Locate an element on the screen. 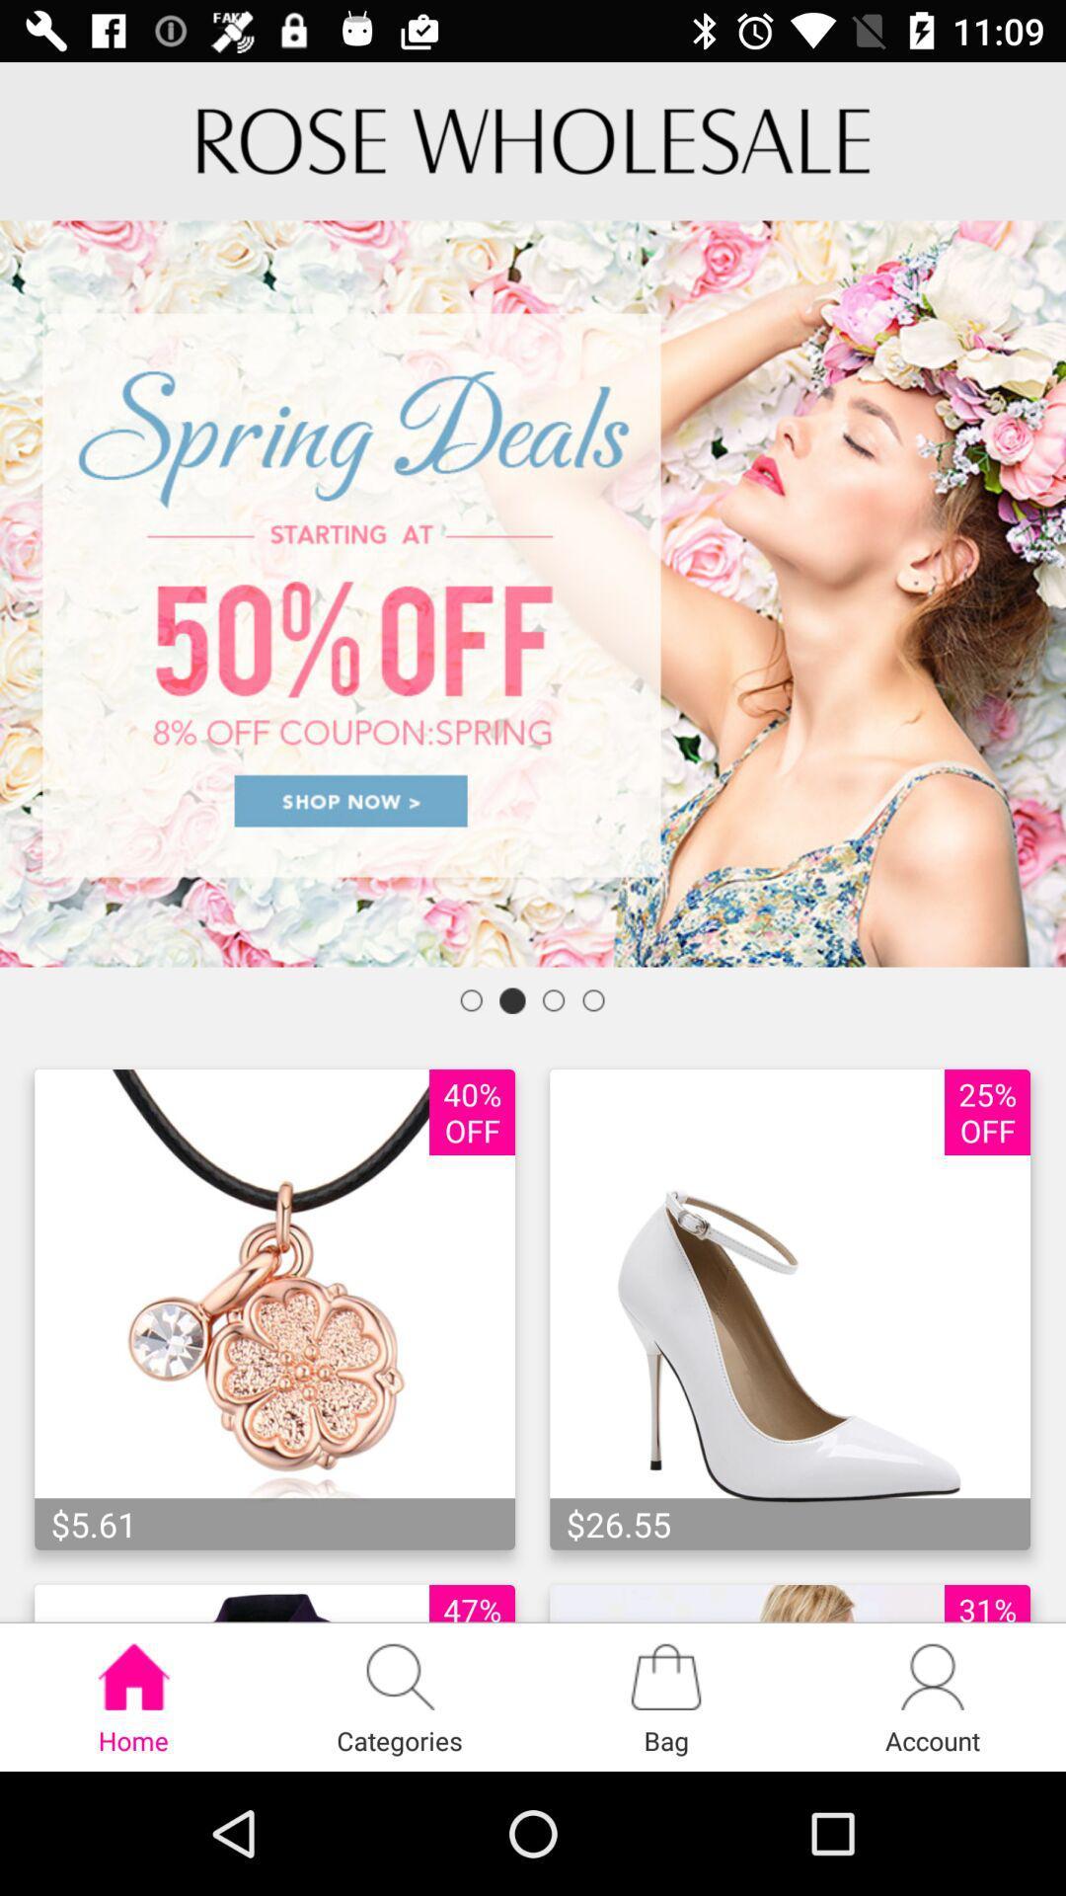 Image resolution: width=1066 pixels, height=1896 pixels. apply coupon is located at coordinates (533, 592).